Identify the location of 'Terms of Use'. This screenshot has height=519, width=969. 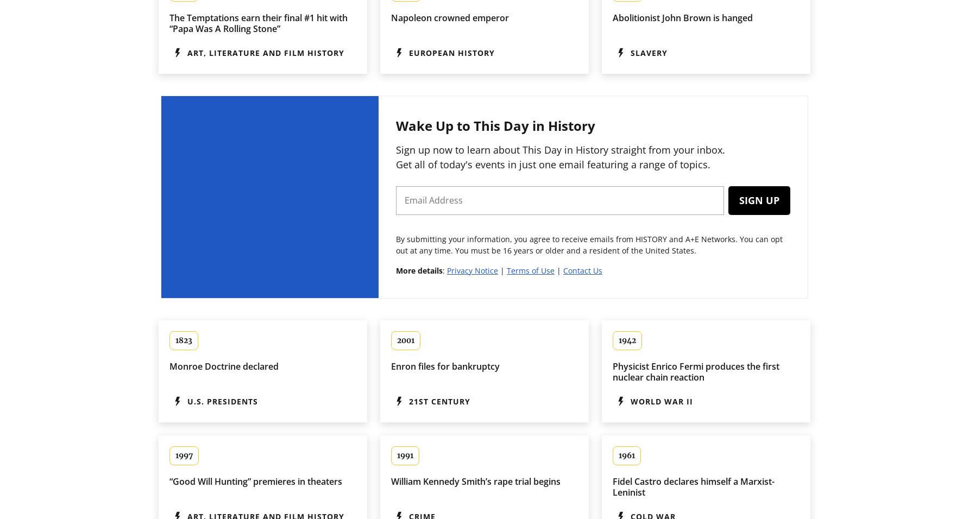
(530, 269).